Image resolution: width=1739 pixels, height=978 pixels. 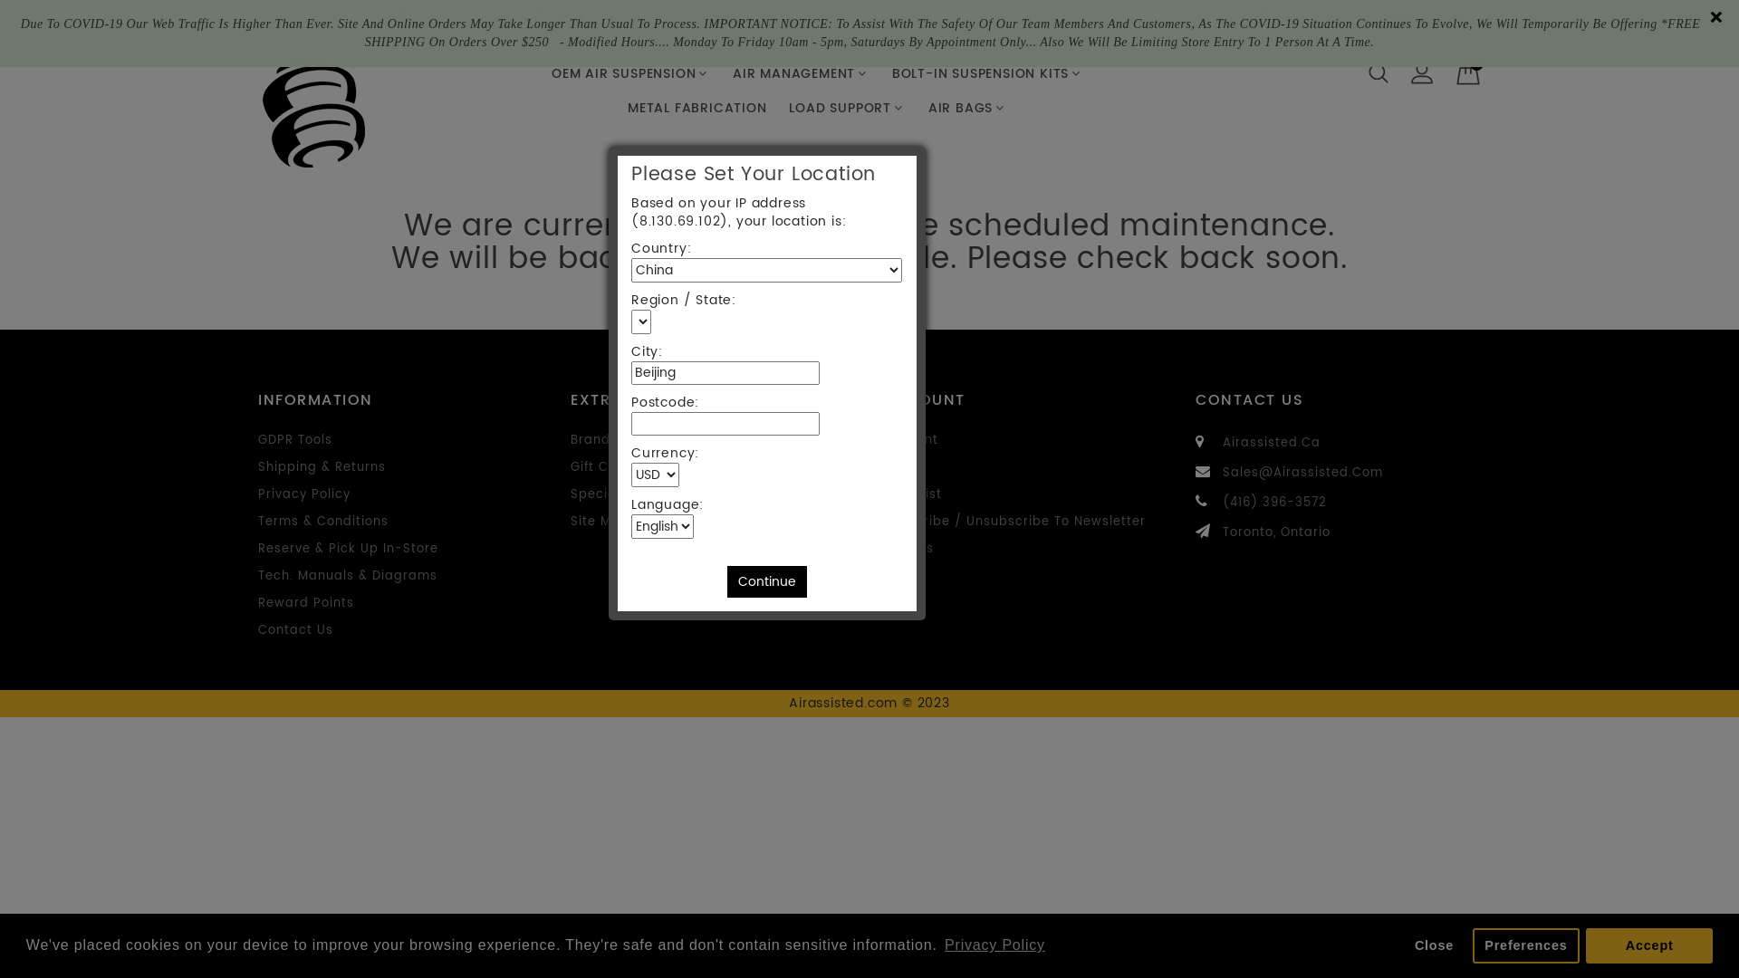 I want to click on 'Brands', so click(x=594, y=440).